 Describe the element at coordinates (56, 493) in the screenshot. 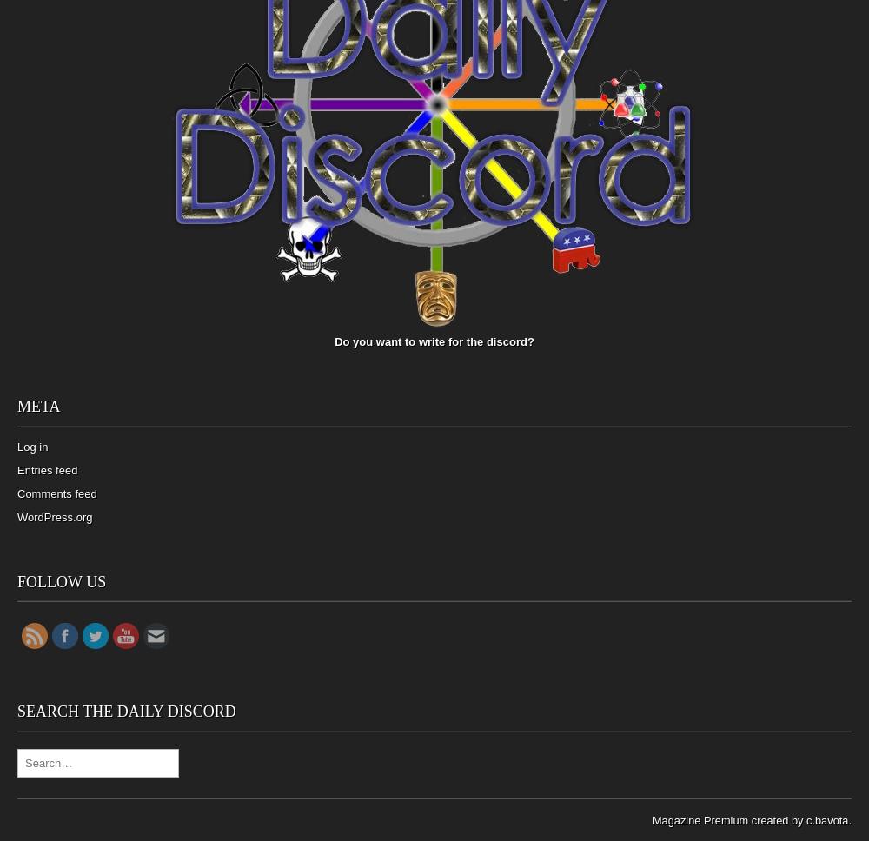

I see `'Comments feed'` at that location.